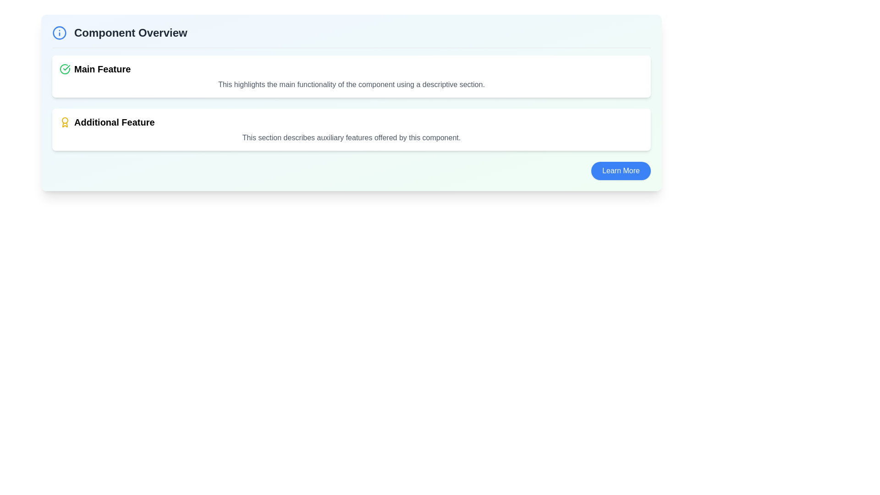  Describe the element at coordinates (130, 33) in the screenshot. I see `descriptive header text located at the top-left area of the section, aligned to the right of an informative icon` at that location.